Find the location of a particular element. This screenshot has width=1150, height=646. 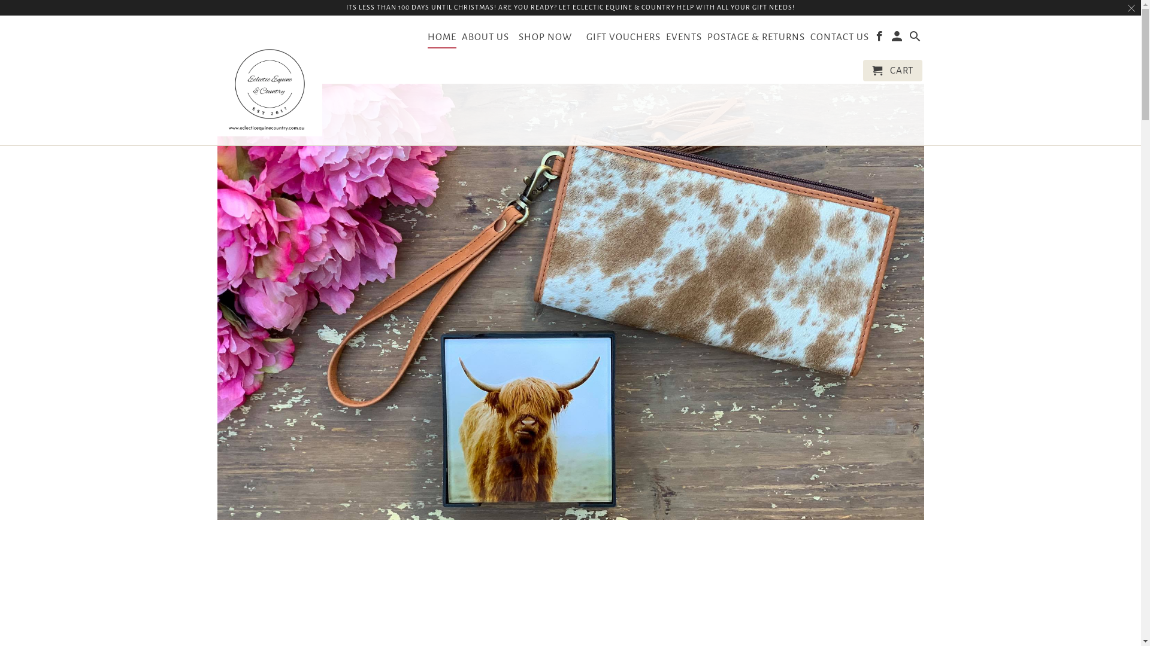

'My Account ' is located at coordinates (891, 38).